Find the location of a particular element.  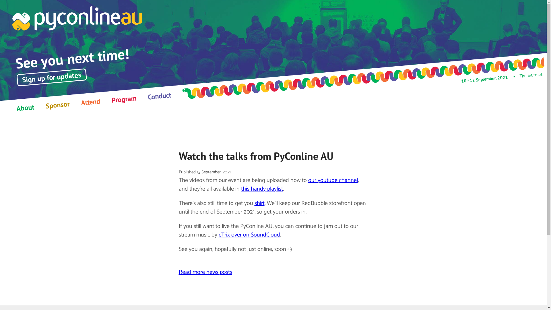

'Sponsor' is located at coordinates (57, 104).